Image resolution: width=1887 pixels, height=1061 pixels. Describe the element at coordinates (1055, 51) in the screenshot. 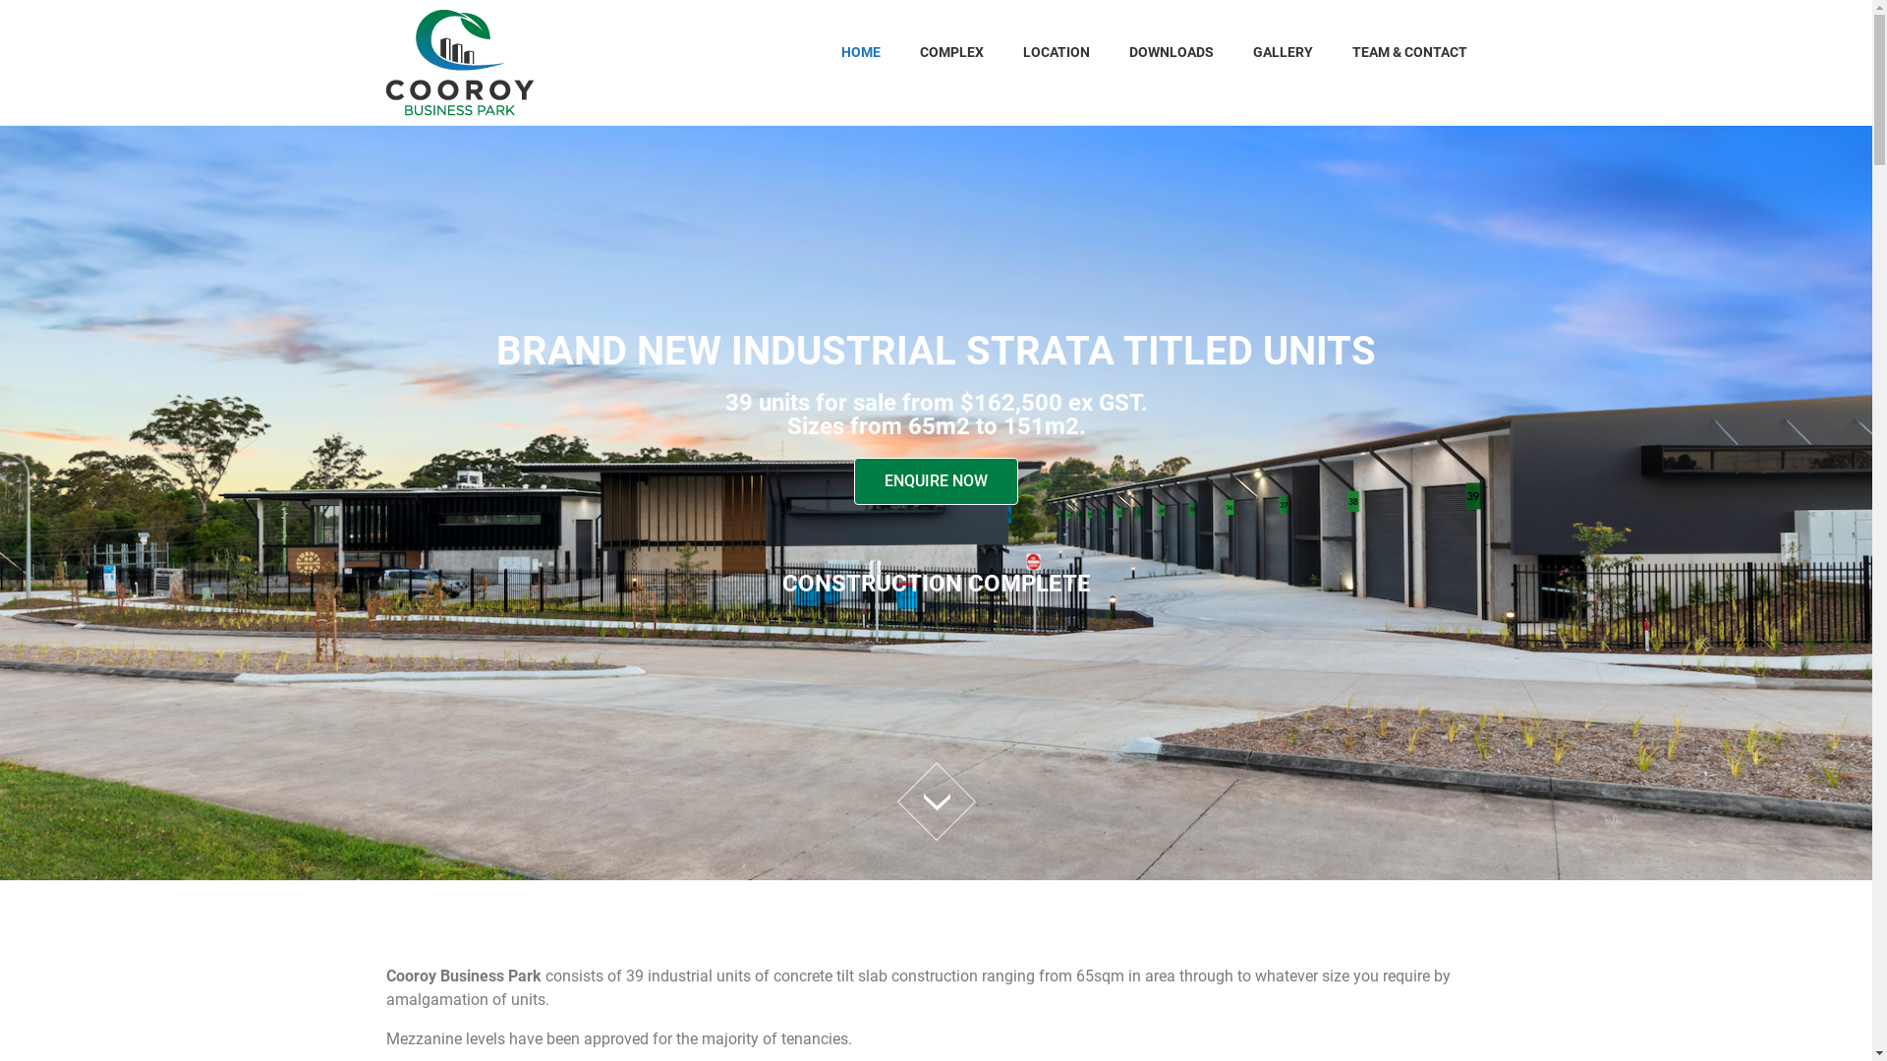

I see `'LOCATION'` at that location.